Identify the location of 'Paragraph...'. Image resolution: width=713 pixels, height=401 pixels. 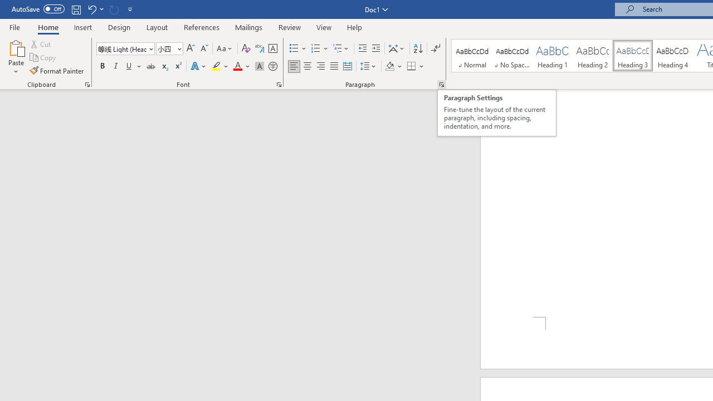
(441, 84).